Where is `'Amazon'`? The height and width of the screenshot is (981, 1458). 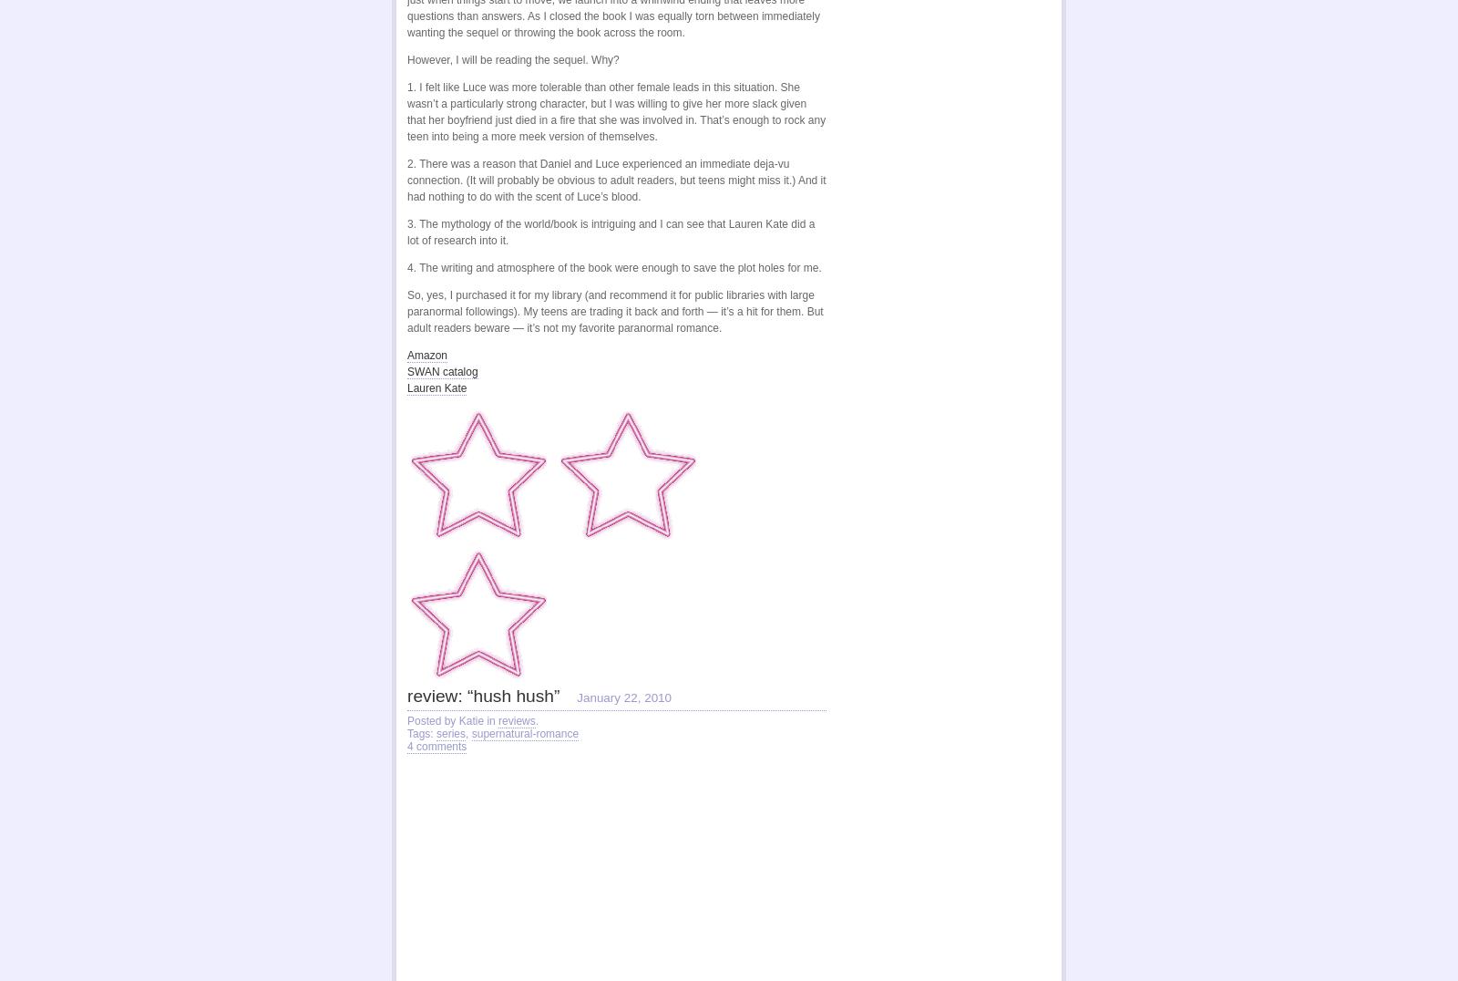
'Amazon' is located at coordinates (426, 349).